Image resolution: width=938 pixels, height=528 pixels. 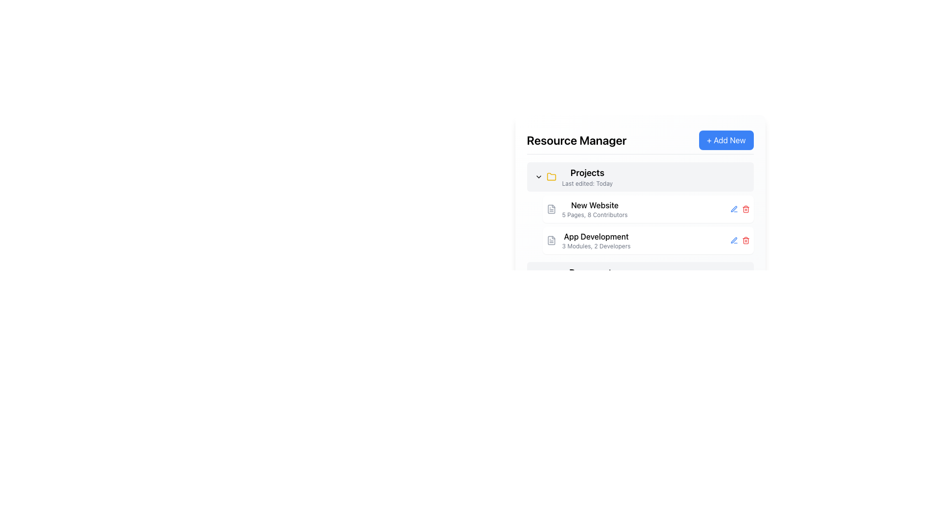 I want to click on the 'Projects' text element located in the 'Resource Manager' panel, so click(x=587, y=173).